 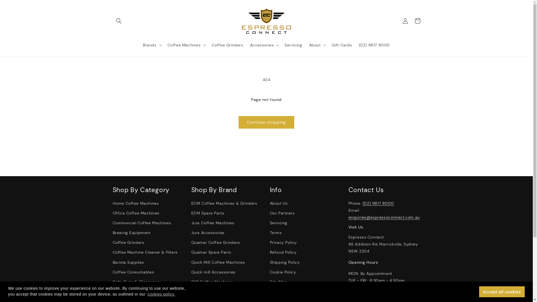 What do you see at coordinates (282, 213) in the screenshot?
I see `'Our Partners'` at bounding box center [282, 213].